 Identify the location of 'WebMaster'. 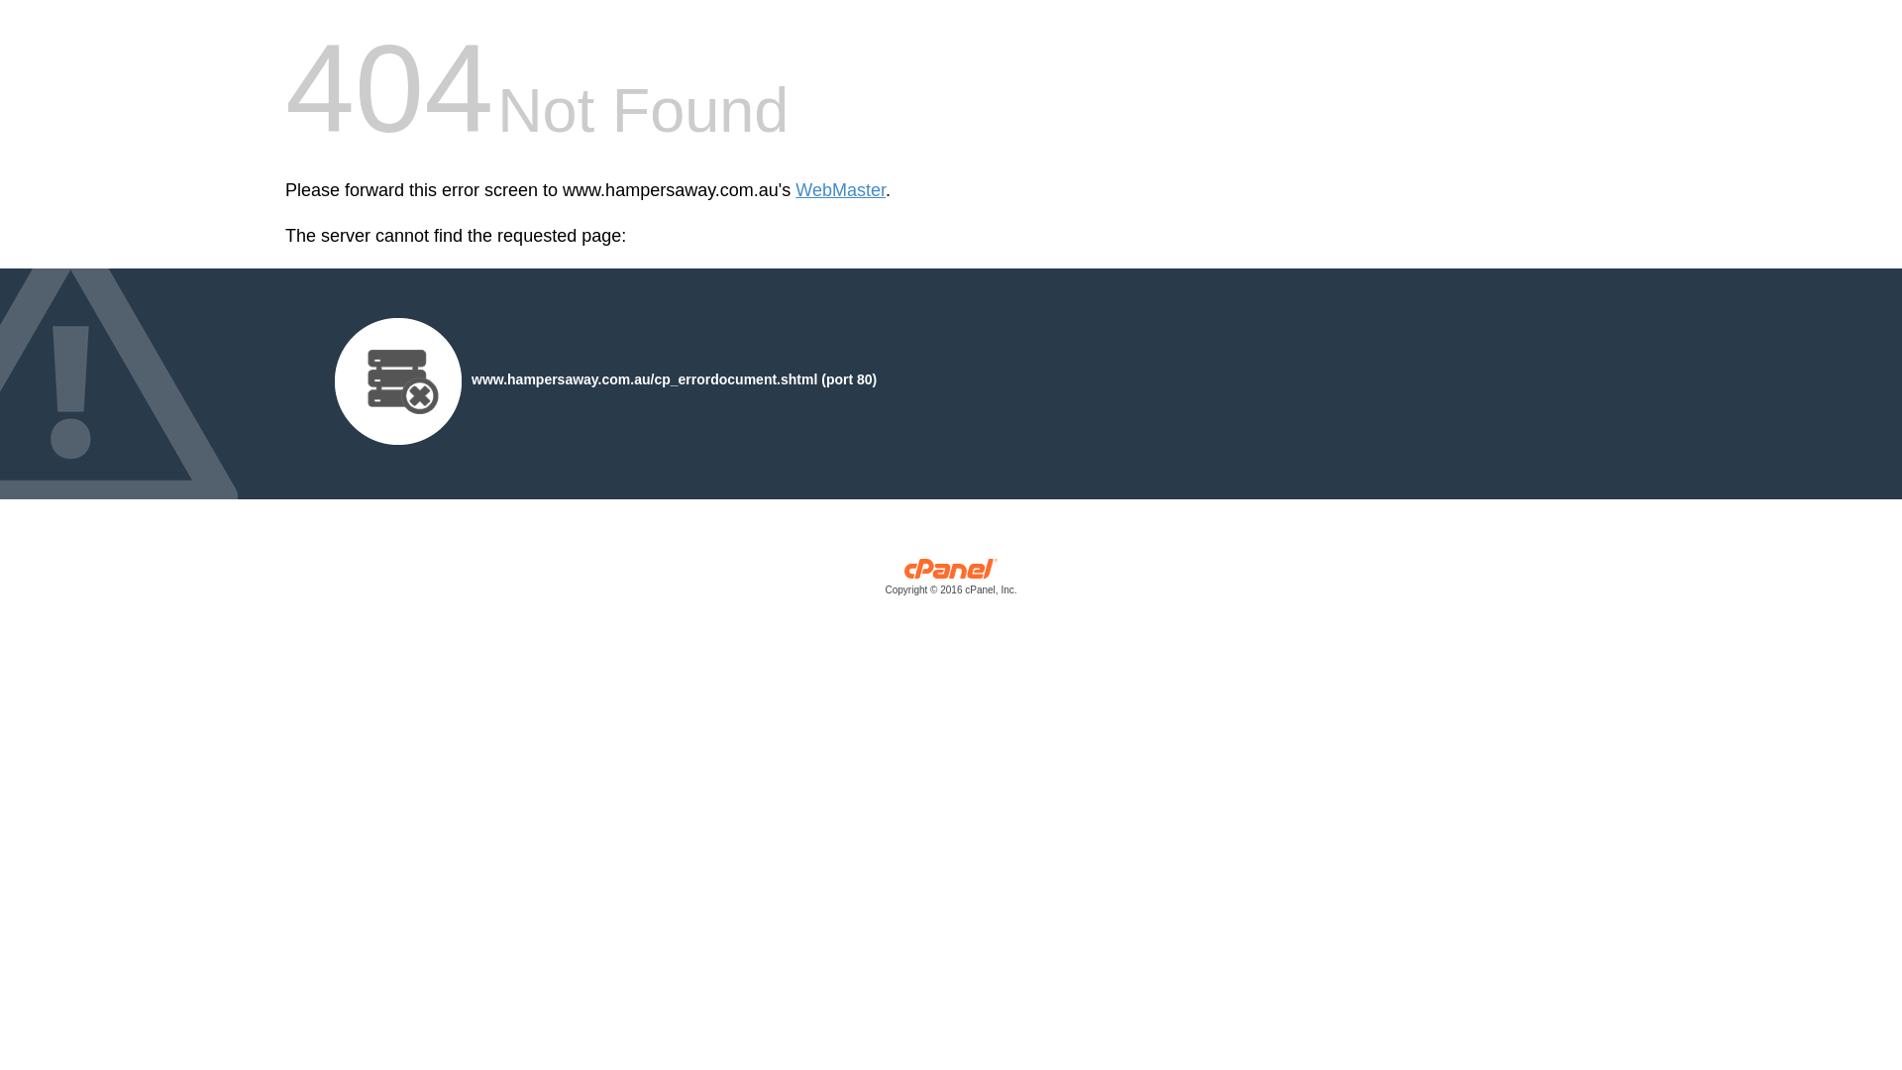
(794, 190).